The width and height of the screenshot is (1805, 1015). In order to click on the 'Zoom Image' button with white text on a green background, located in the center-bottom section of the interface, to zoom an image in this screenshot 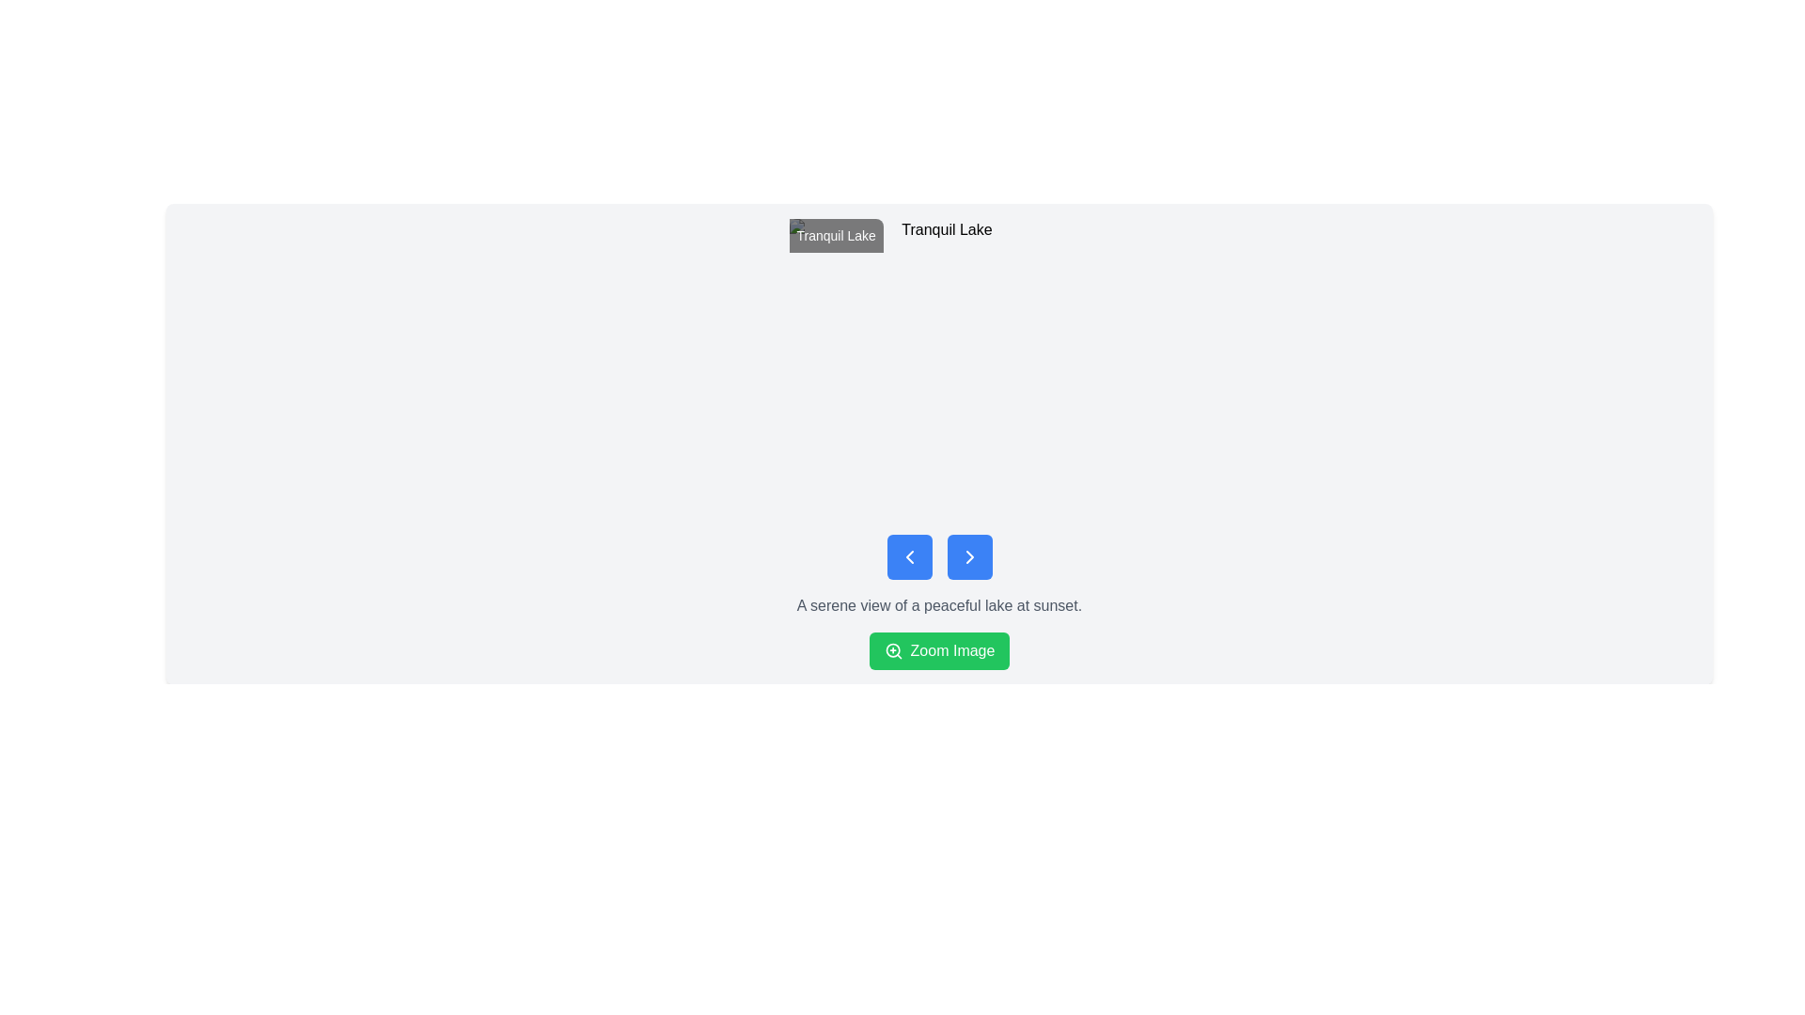, I will do `click(952, 650)`.